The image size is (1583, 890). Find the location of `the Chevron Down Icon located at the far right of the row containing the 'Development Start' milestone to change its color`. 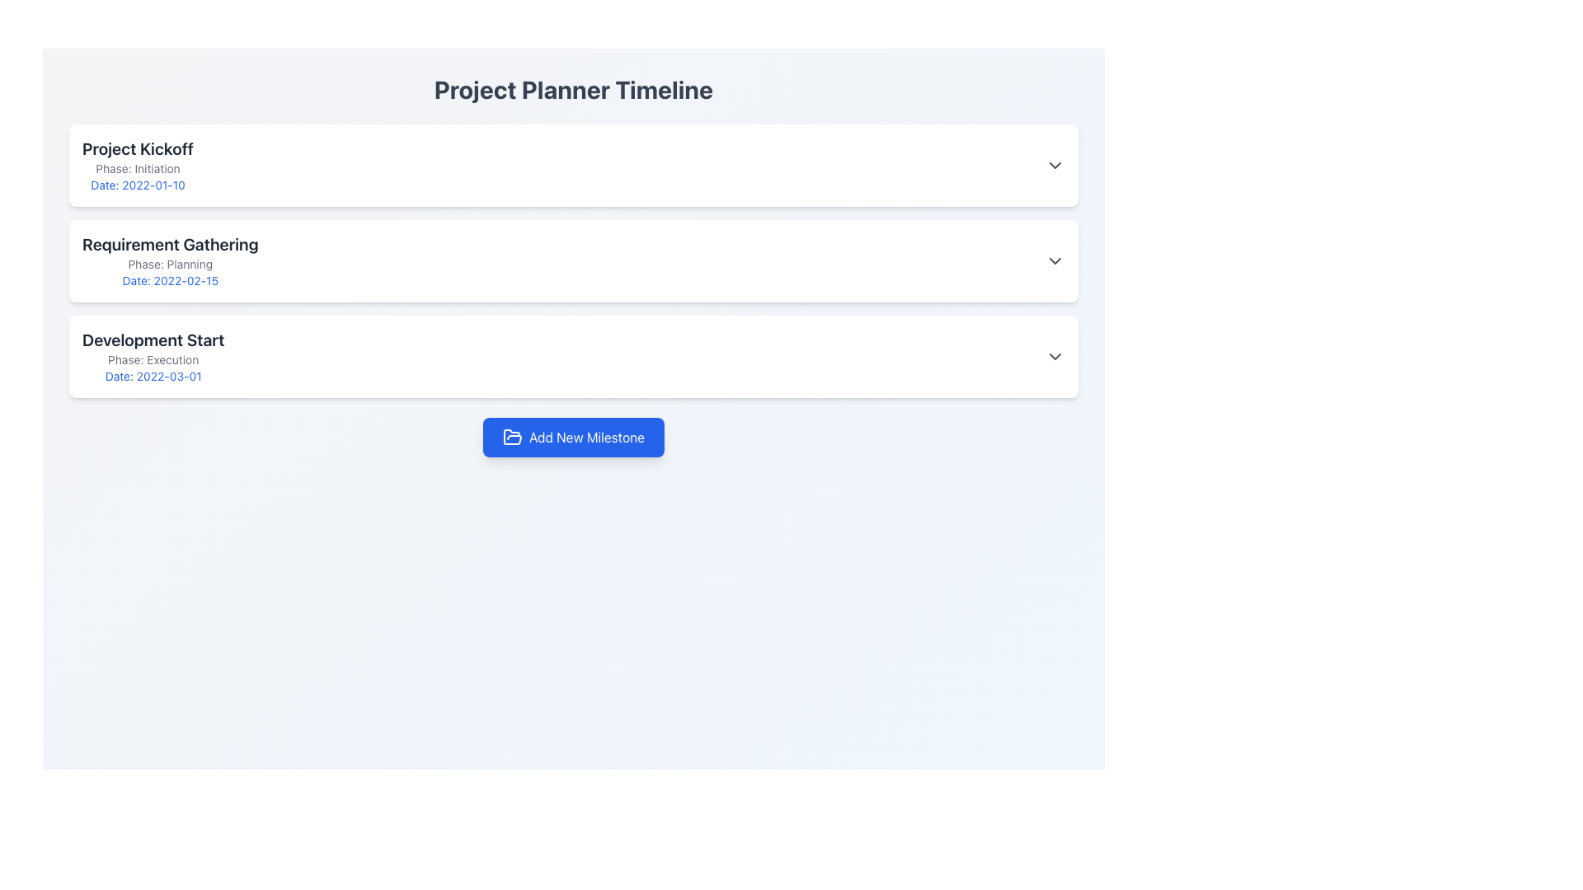

the Chevron Down Icon located at the far right of the row containing the 'Development Start' milestone to change its color is located at coordinates (1055, 355).